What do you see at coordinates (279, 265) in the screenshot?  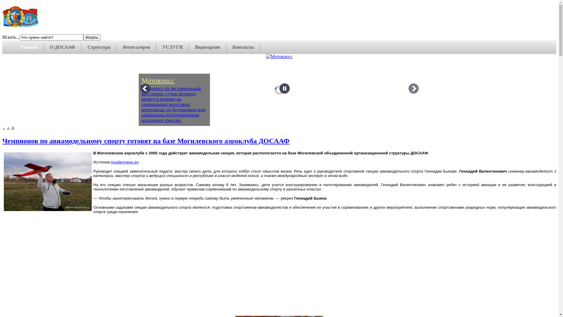 I see `'YouTube video player'` at bounding box center [279, 265].